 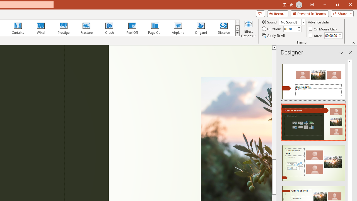 What do you see at coordinates (339, 37) in the screenshot?
I see `'Less'` at bounding box center [339, 37].